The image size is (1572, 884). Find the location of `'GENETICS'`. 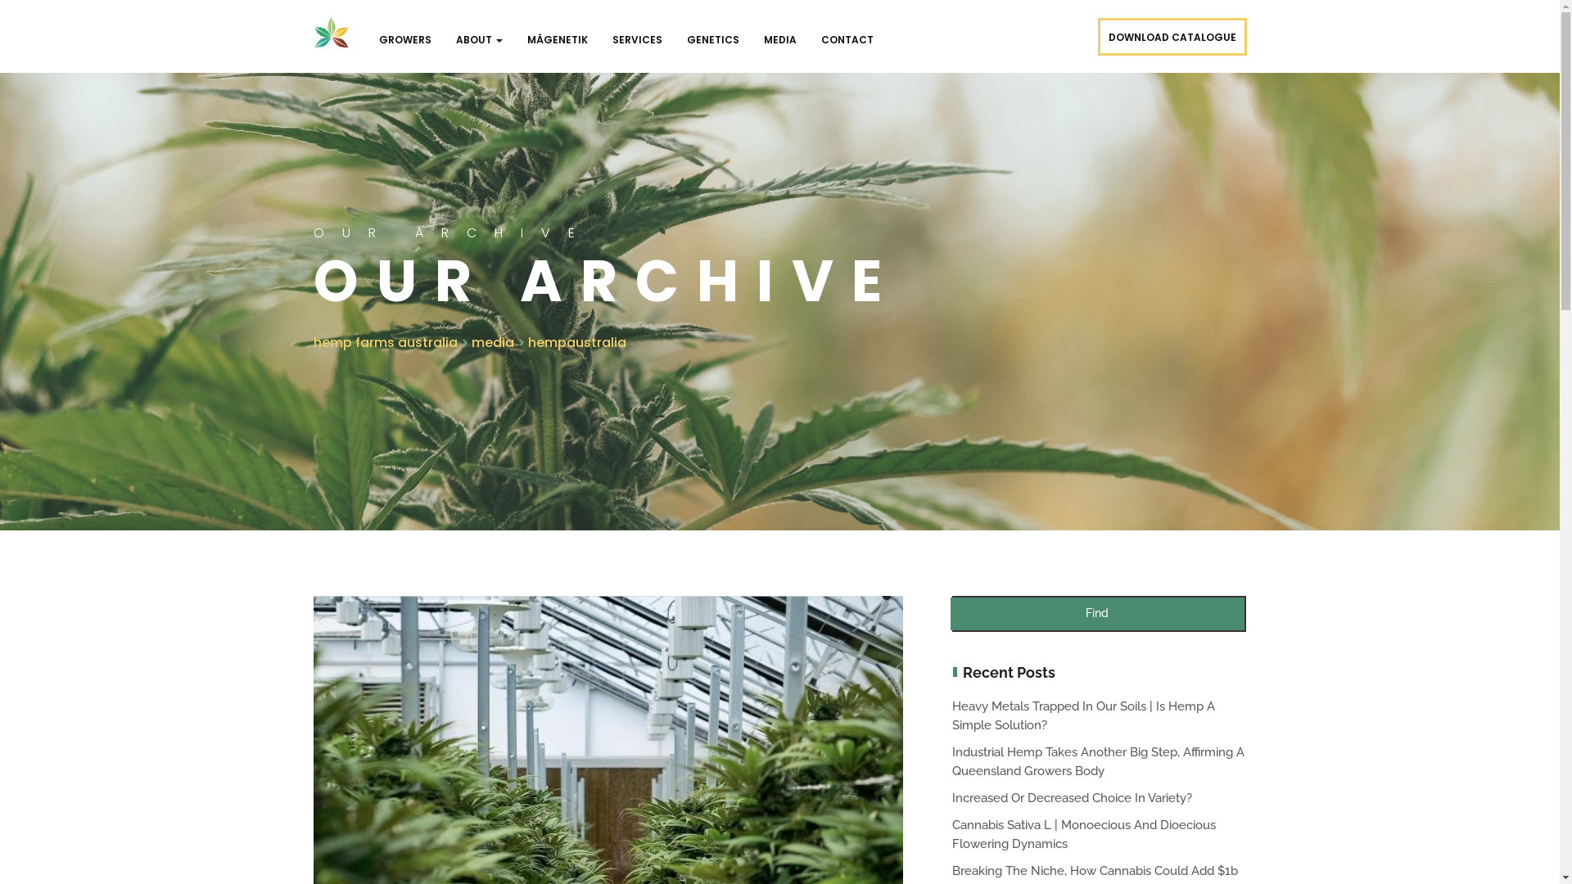

'GENETICS' is located at coordinates (712, 39).